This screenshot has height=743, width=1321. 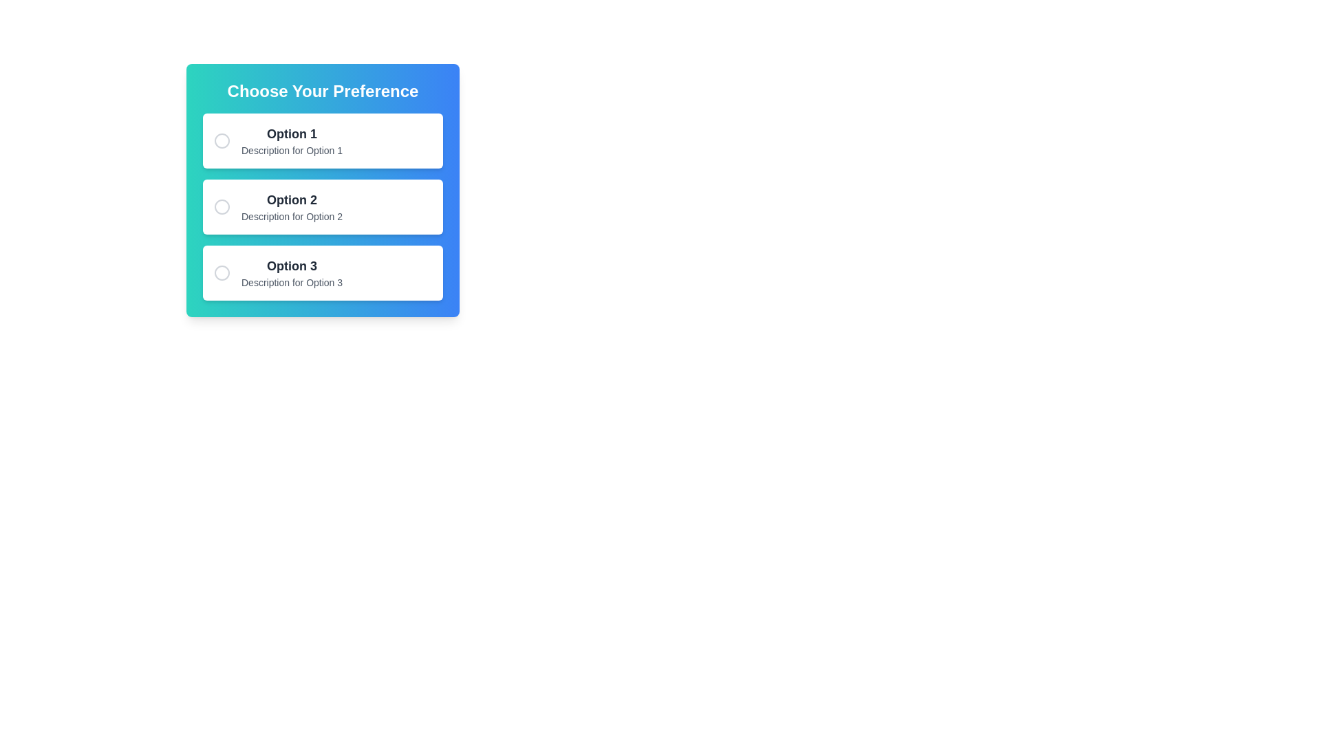 I want to click on the descriptive text element providing additional information for 'Option 1', which is located below the 'Option 1' title in the upper portion of the options list, so click(x=291, y=151).